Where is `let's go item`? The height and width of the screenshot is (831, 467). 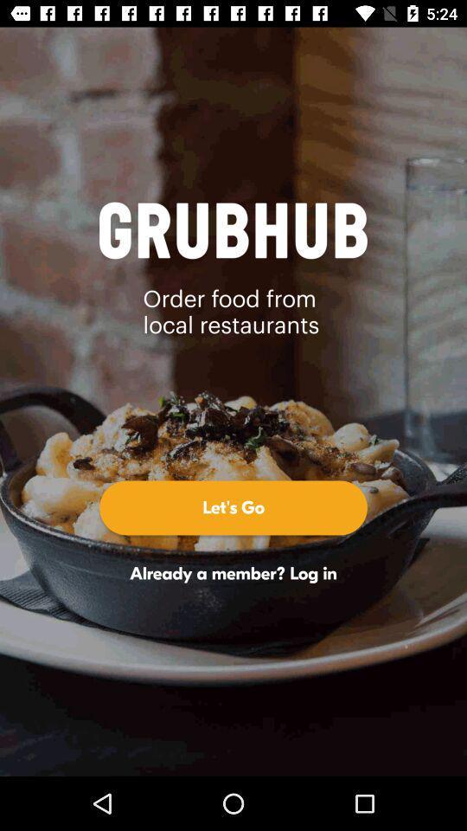
let's go item is located at coordinates (233, 507).